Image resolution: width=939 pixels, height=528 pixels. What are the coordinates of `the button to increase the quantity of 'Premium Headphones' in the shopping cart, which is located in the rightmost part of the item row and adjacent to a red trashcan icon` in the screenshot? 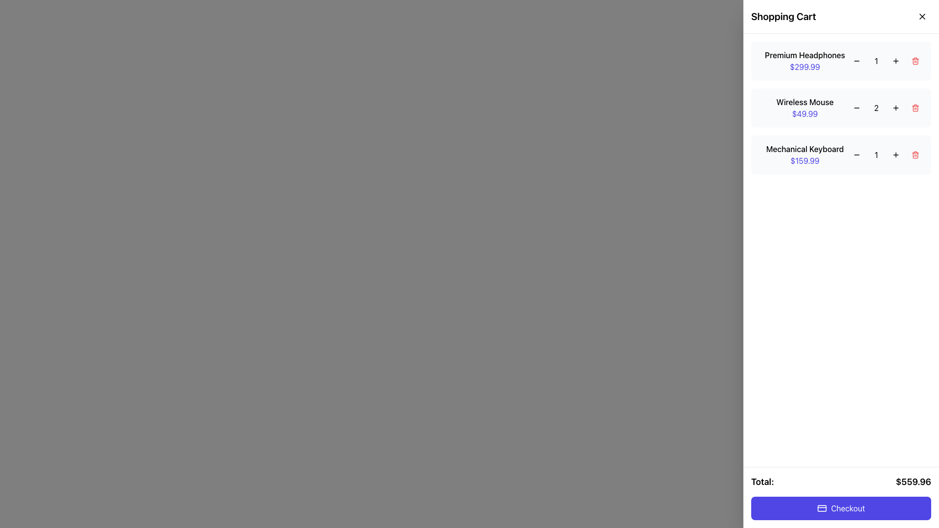 It's located at (896, 61).